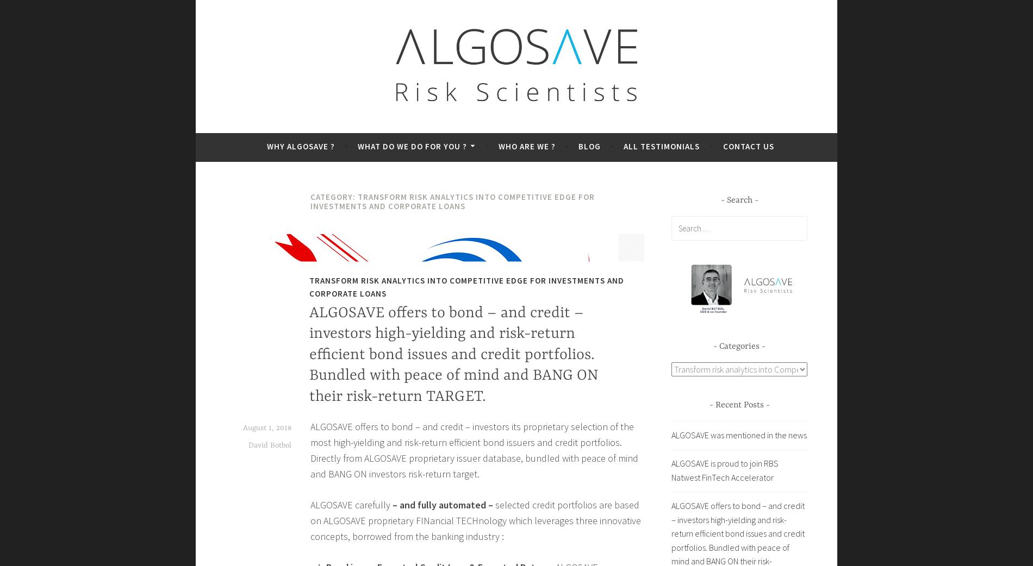 This screenshot has height=566, width=1033. I want to click on 'ALGOSAVE carefully', so click(351, 504).